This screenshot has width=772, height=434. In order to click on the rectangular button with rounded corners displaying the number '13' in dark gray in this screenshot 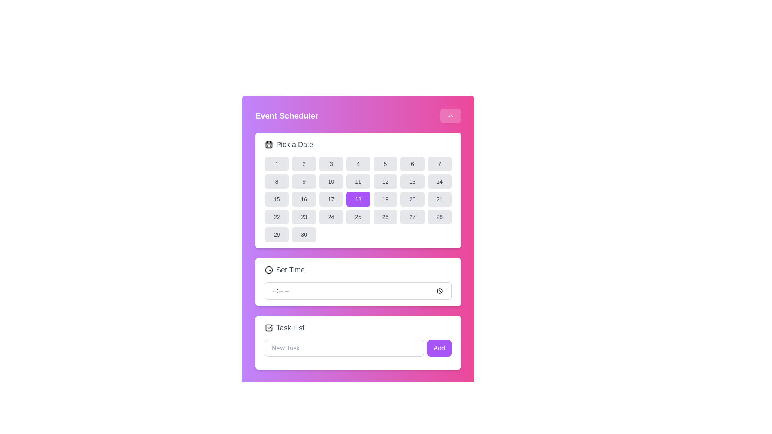, I will do `click(412, 181)`.